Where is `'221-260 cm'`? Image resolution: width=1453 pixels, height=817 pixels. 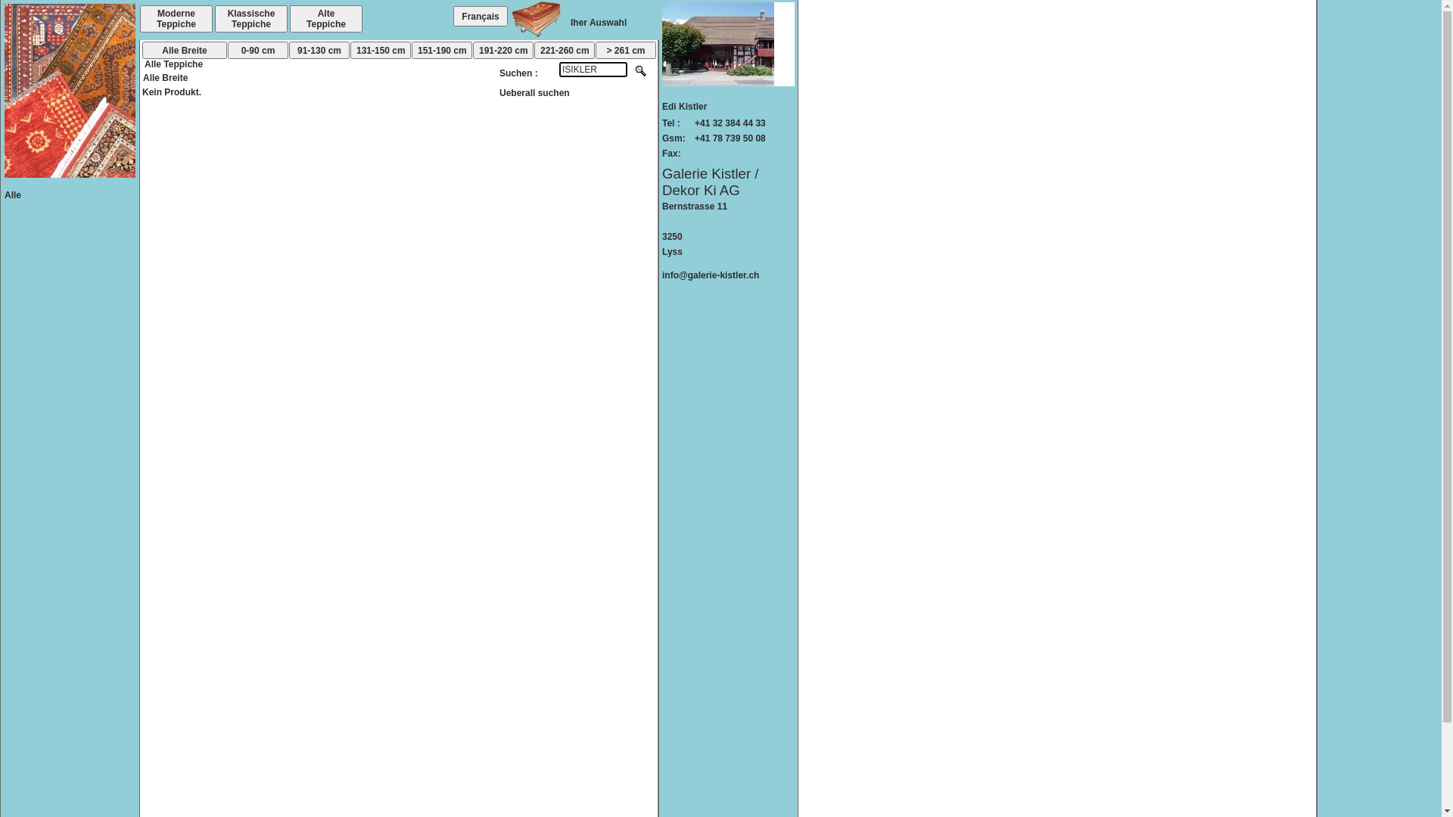
'221-260 cm' is located at coordinates (534, 49).